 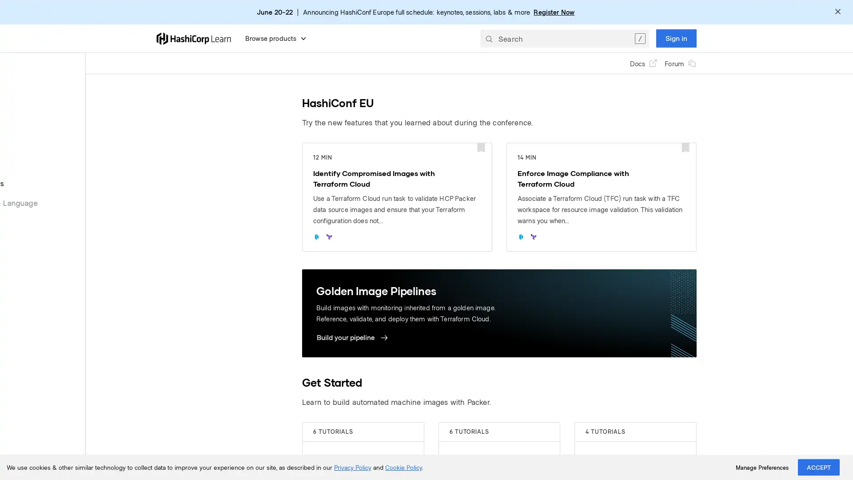 What do you see at coordinates (275, 38) in the screenshot?
I see `Browse products` at bounding box center [275, 38].